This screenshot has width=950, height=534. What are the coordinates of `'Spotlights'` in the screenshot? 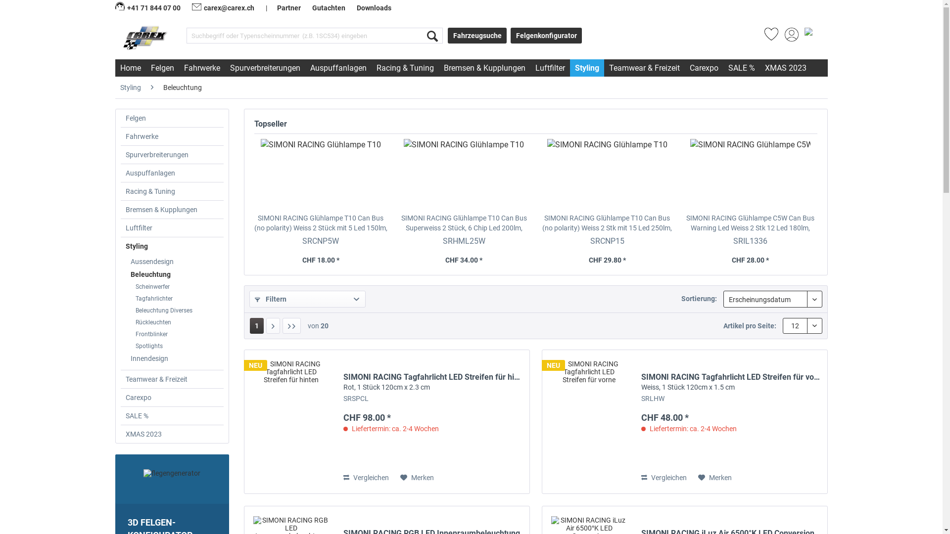 It's located at (177, 345).